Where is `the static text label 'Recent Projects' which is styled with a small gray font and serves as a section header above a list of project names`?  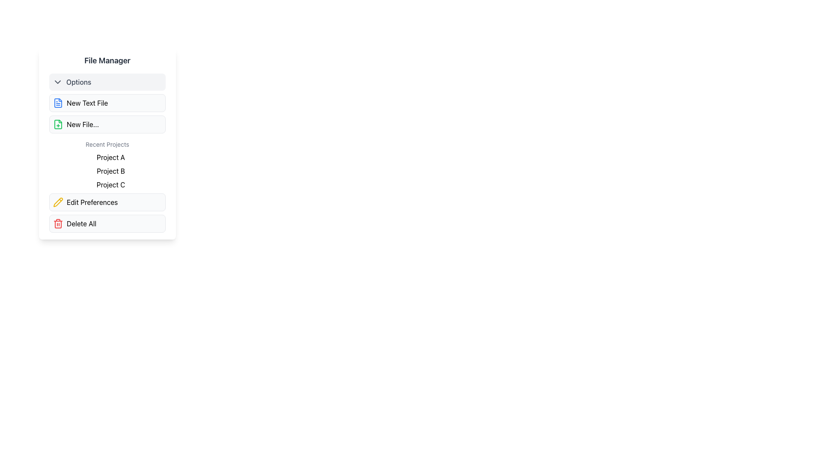
the static text label 'Recent Projects' which is styled with a small gray font and serves as a section header above a list of project names is located at coordinates (107, 144).